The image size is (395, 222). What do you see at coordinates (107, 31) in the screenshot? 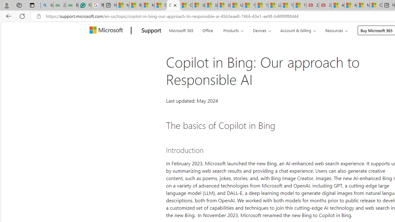
I see `'Microsoft'` at bounding box center [107, 31].